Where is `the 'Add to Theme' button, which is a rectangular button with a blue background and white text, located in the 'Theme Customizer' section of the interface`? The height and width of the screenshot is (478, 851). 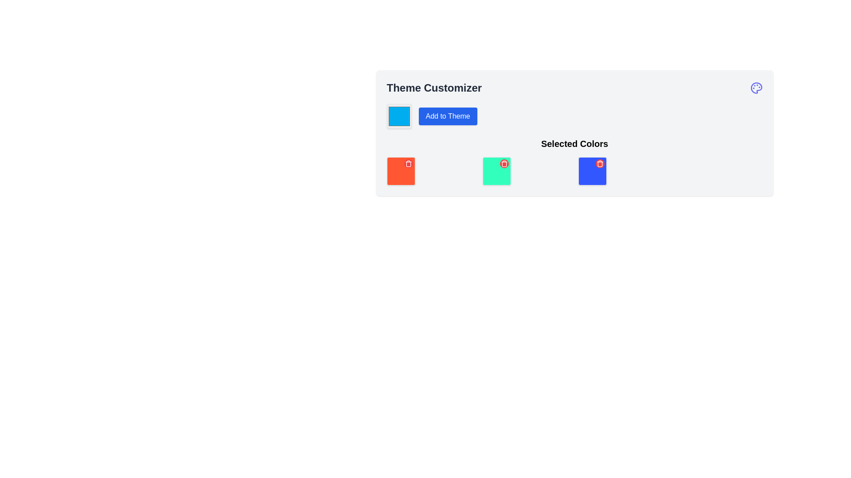 the 'Add to Theme' button, which is a rectangular button with a blue background and white text, located in the 'Theme Customizer' section of the interface is located at coordinates (447, 116).